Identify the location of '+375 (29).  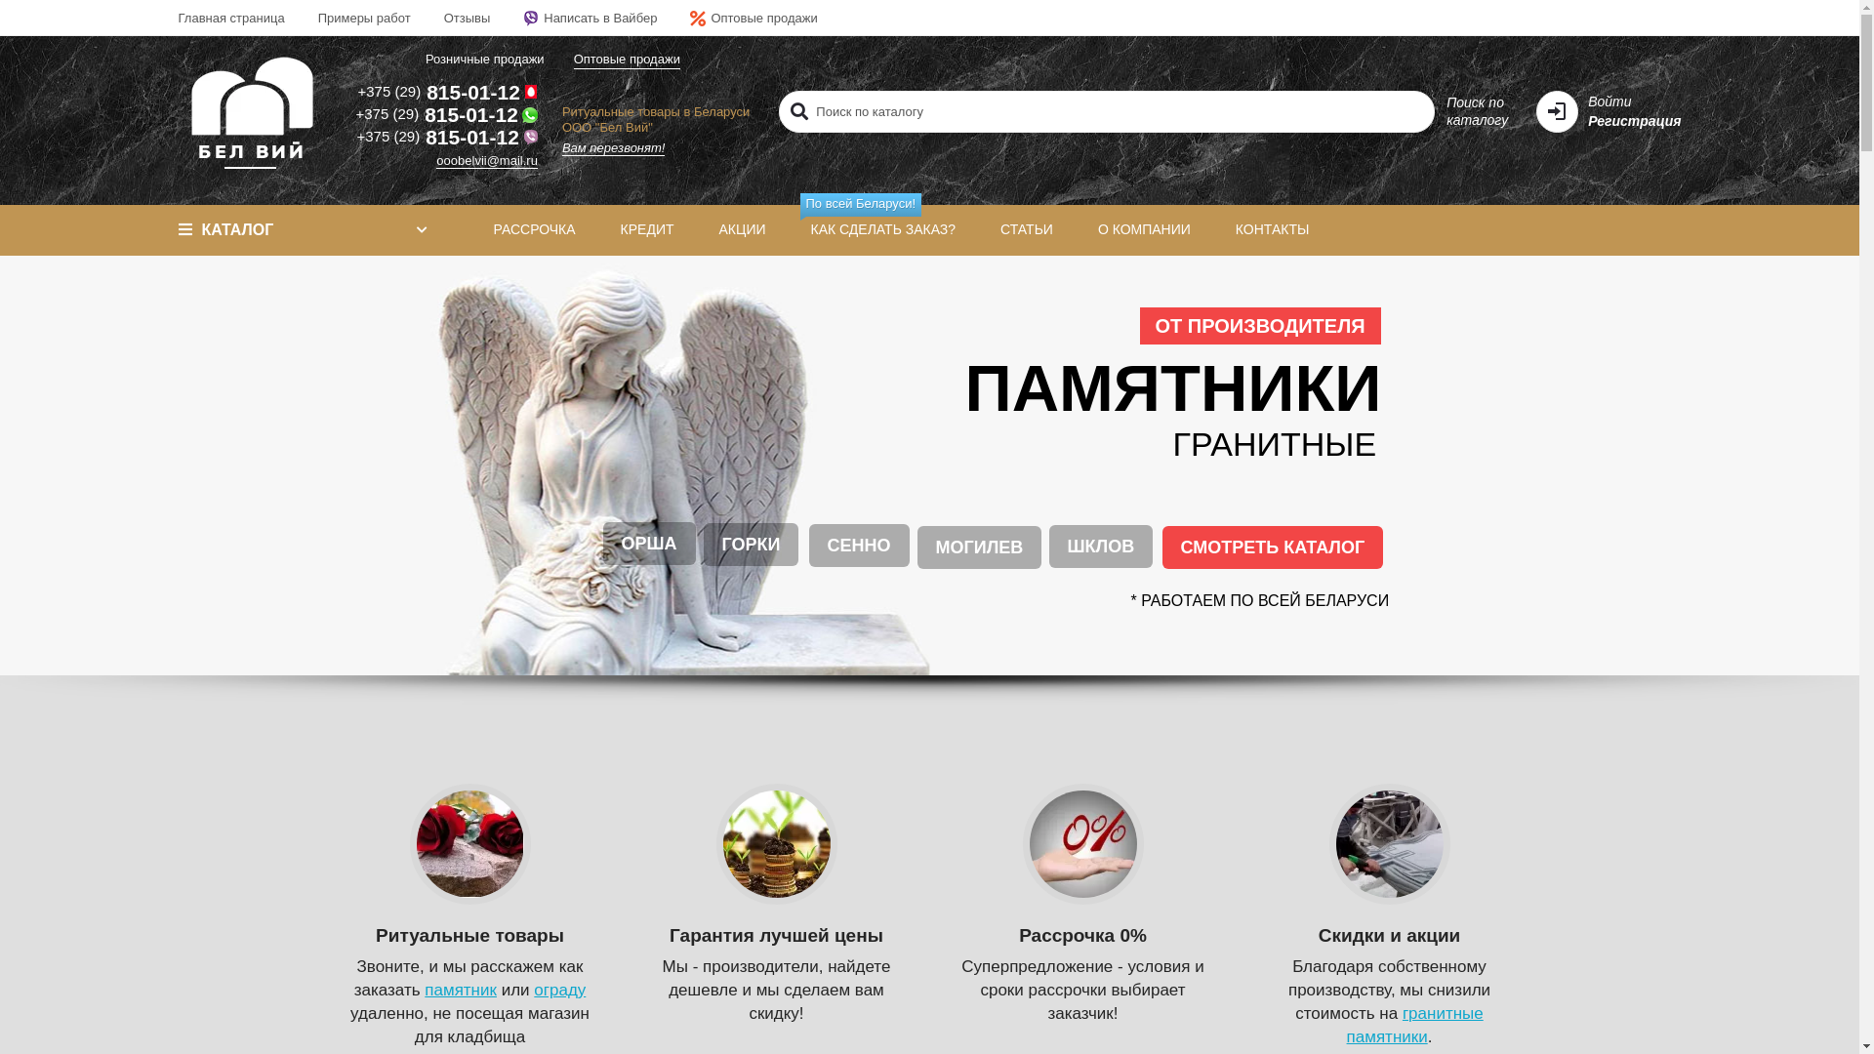
(444, 92).